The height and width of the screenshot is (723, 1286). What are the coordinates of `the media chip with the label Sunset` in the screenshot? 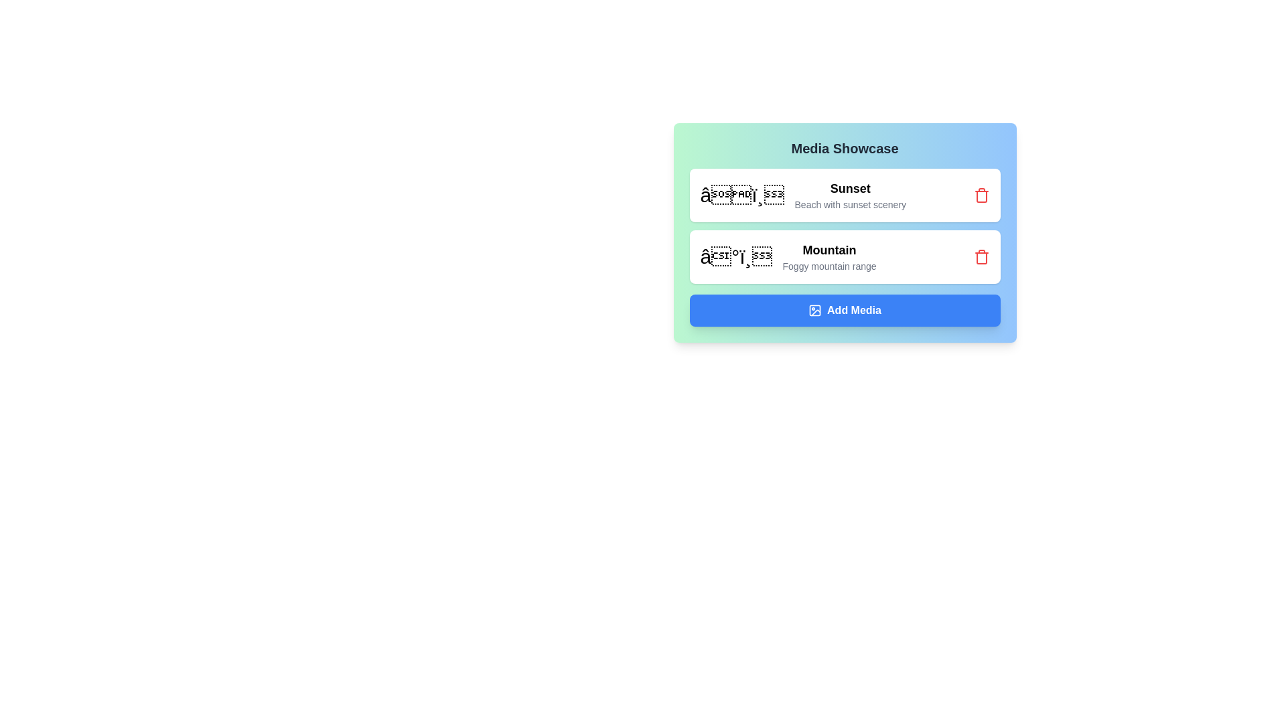 It's located at (844, 195).